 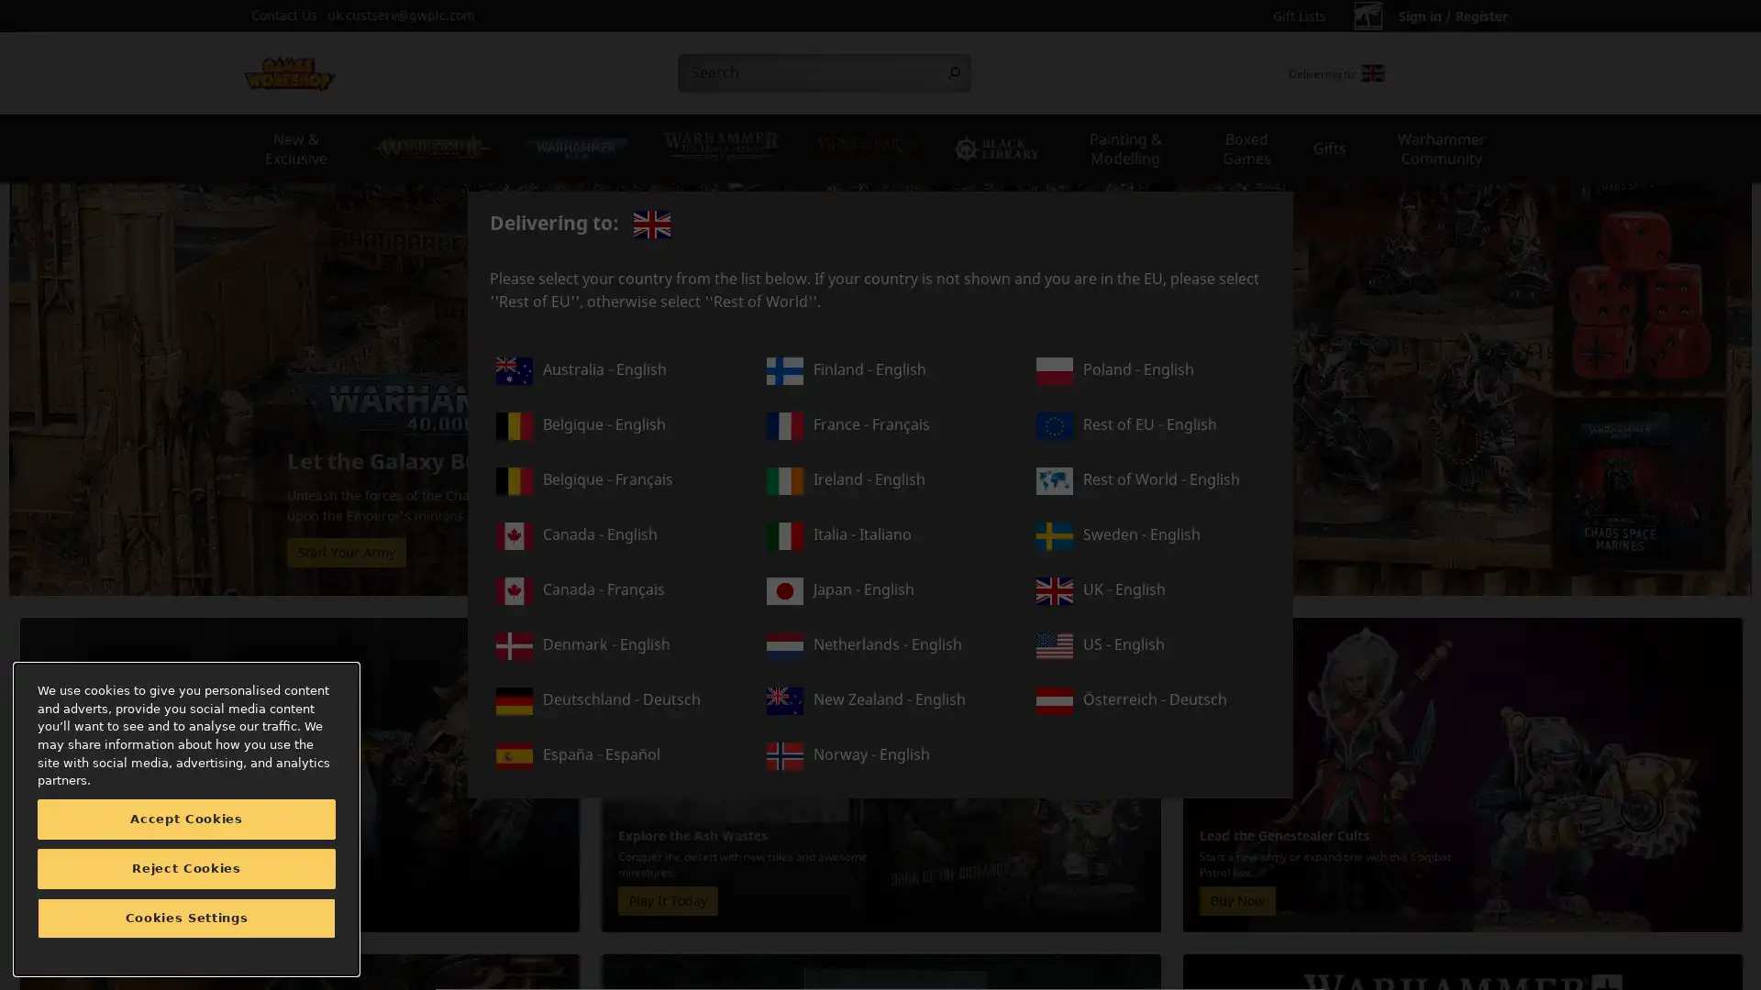 What do you see at coordinates (186, 918) in the screenshot?
I see `Cookies Settings` at bounding box center [186, 918].